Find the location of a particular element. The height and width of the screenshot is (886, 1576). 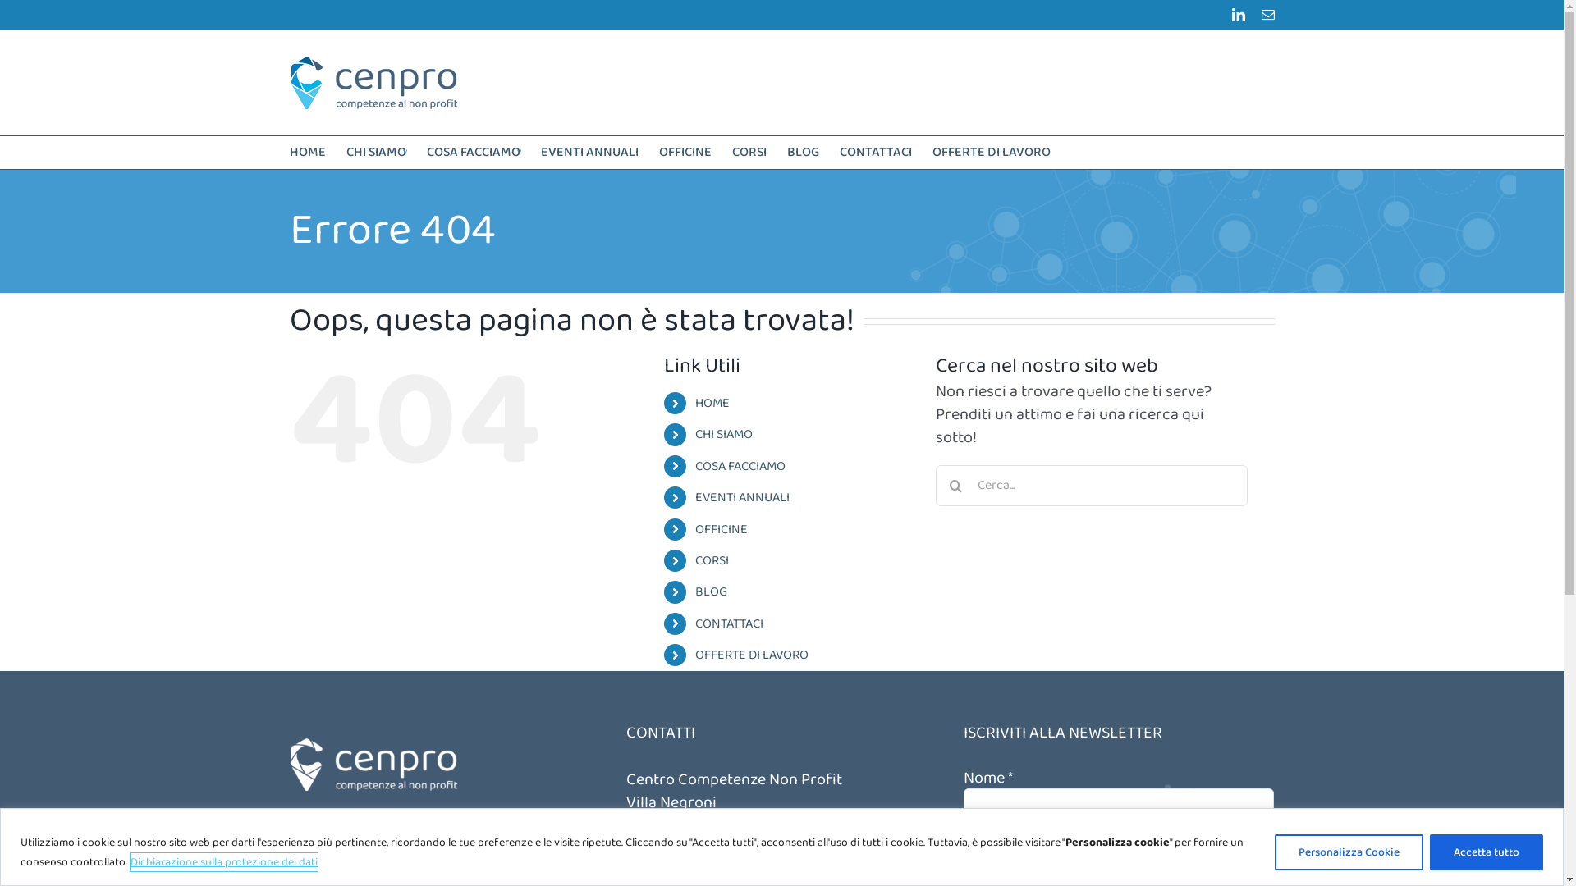

'CONTATTACI' is located at coordinates (873, 152).